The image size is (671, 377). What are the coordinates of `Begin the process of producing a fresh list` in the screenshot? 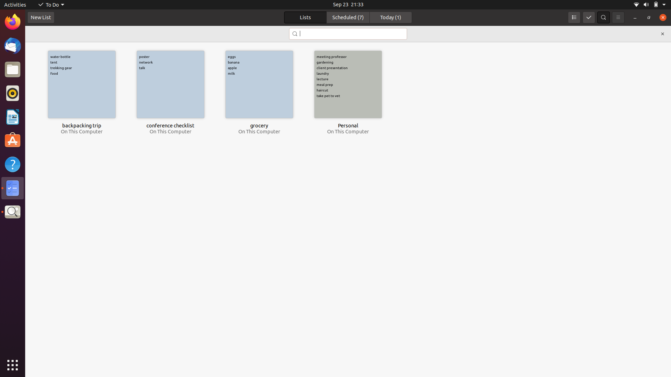 It's located at (40, 17).